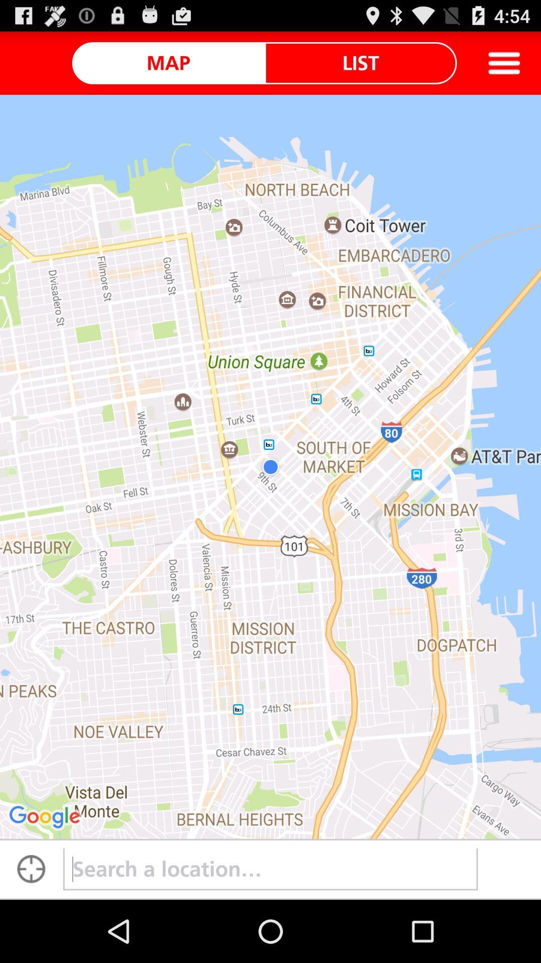  What do you see at coordinates (270, 869) in the screenshot?
I see `search a location` at bounding box center [270, 869].